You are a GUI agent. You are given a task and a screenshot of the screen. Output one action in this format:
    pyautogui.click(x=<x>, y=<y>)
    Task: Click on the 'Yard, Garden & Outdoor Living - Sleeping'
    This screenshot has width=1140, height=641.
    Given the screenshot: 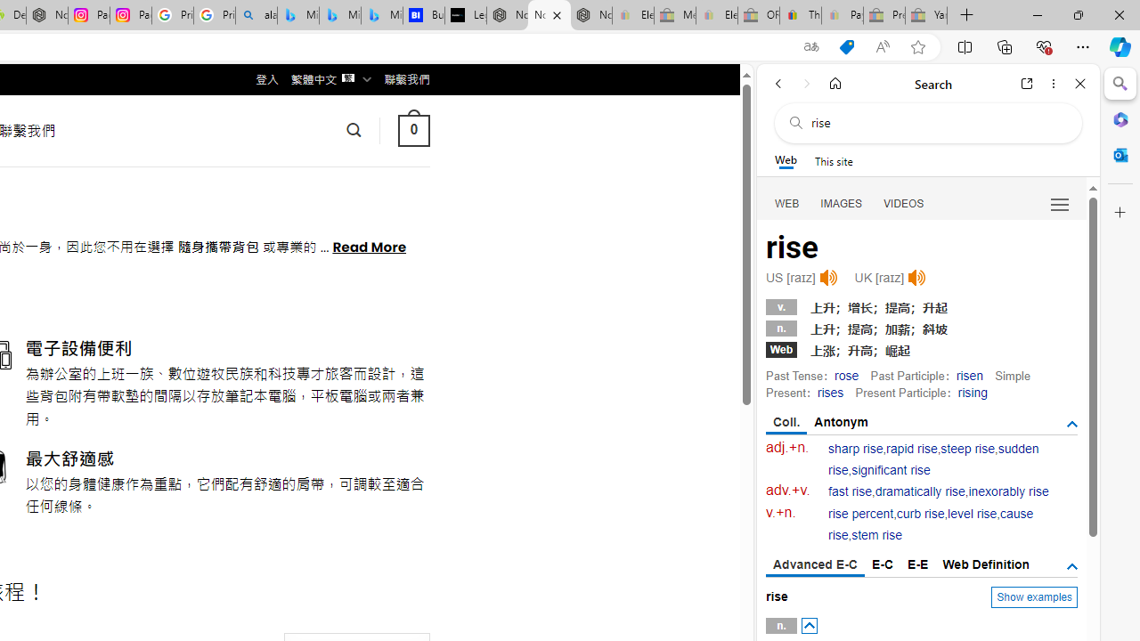 What is the action you would take?
    pyautogui.click(x=926, y=15)
    